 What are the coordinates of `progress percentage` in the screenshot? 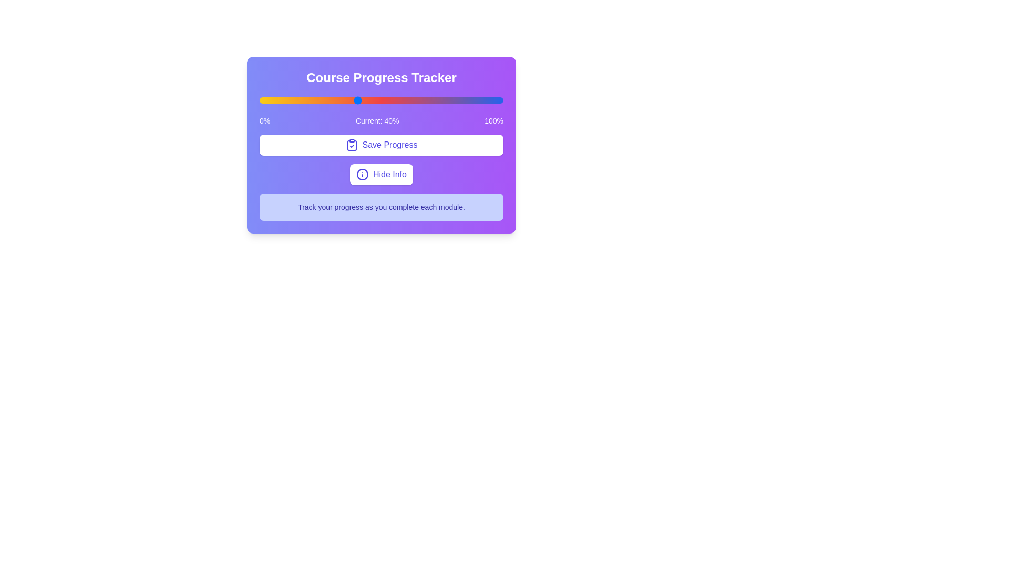 It's located at (347, 100).